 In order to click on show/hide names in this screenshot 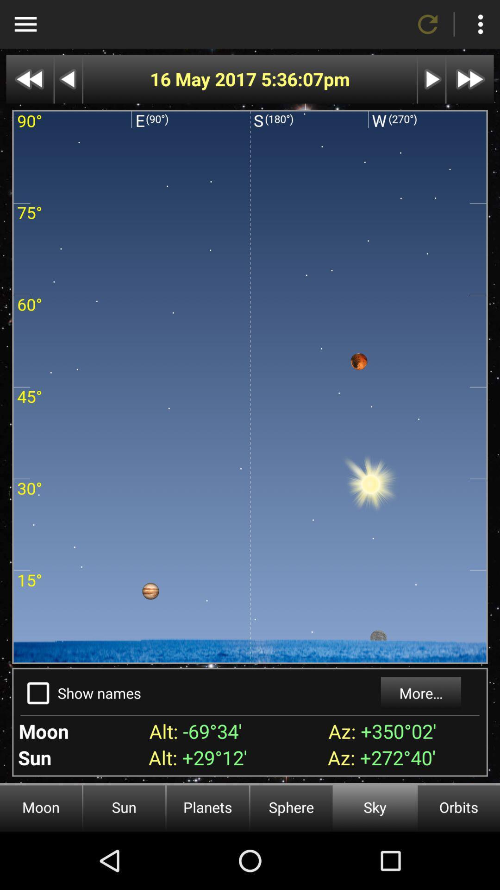, I will do `click(37, 693)`.